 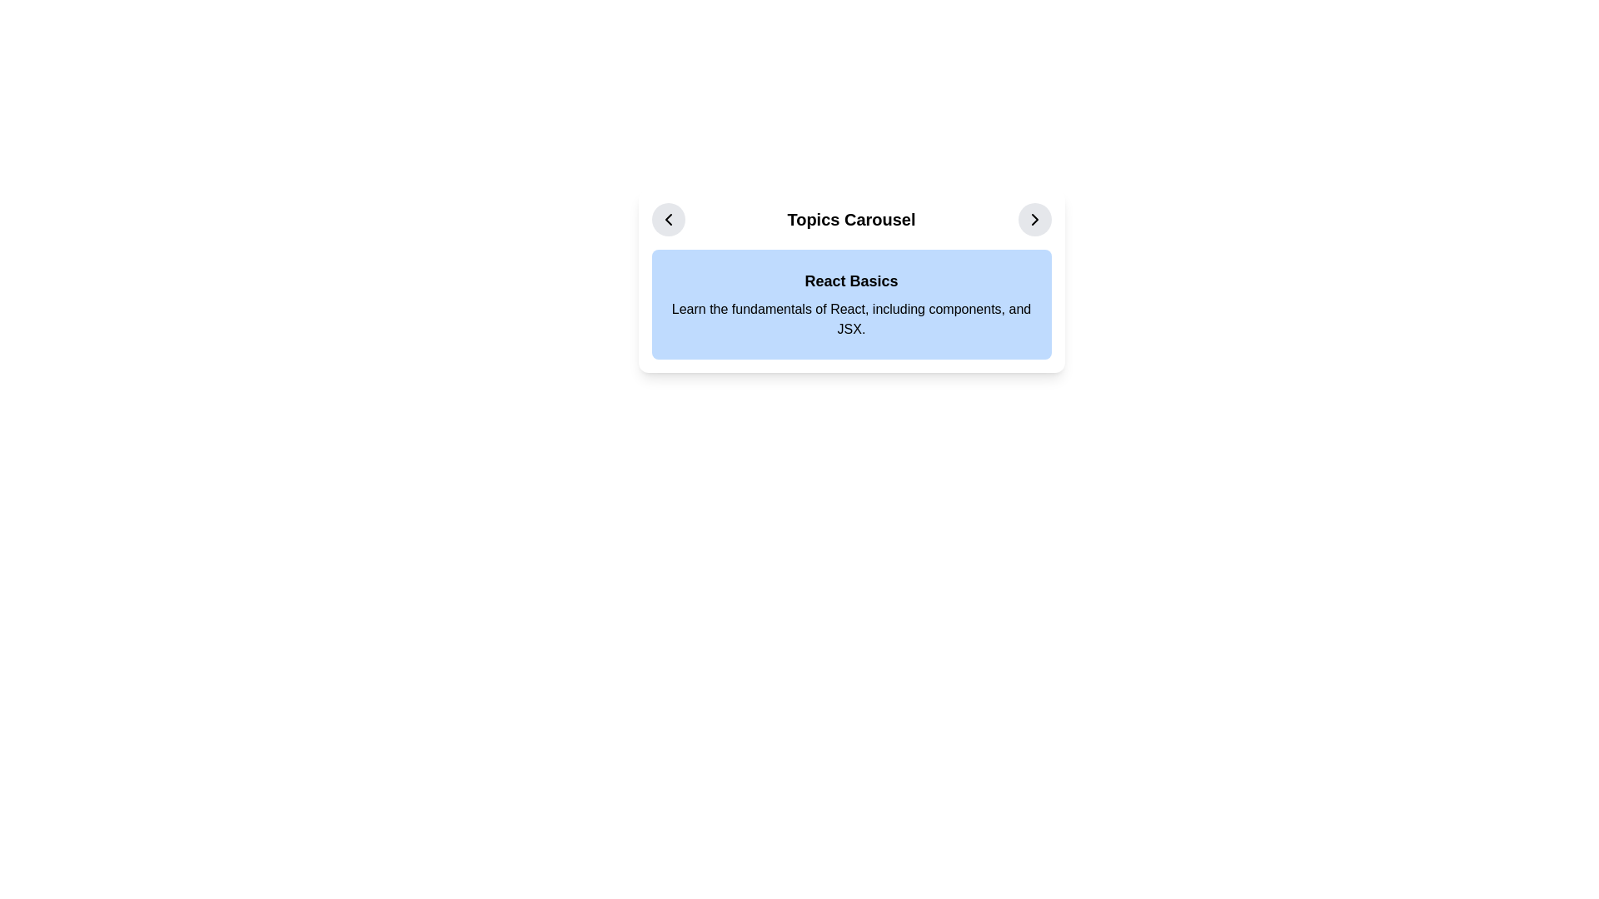 What do you see at coordinates (1034, 218) in the screenshot?
I see `the navigation button located in the 'Topics Carousel' section, adjacent to the title 'Topics Carousel'` at bounding box center [1034, 218].